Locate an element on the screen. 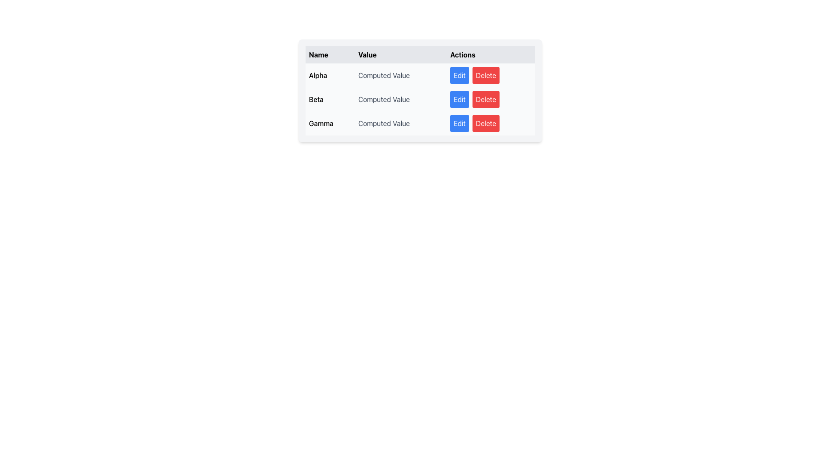 The height and width of the screenshot is (463, 824). the 'Computed Value' text cell in the table, which displays the text in gray color and is positioned in the second cell of the first row, aligned with 'Alpha' in the 'Name' column and 'Edit' and 'Delete' buttons in the 'Actions' column is located at coordinates (400, 75).